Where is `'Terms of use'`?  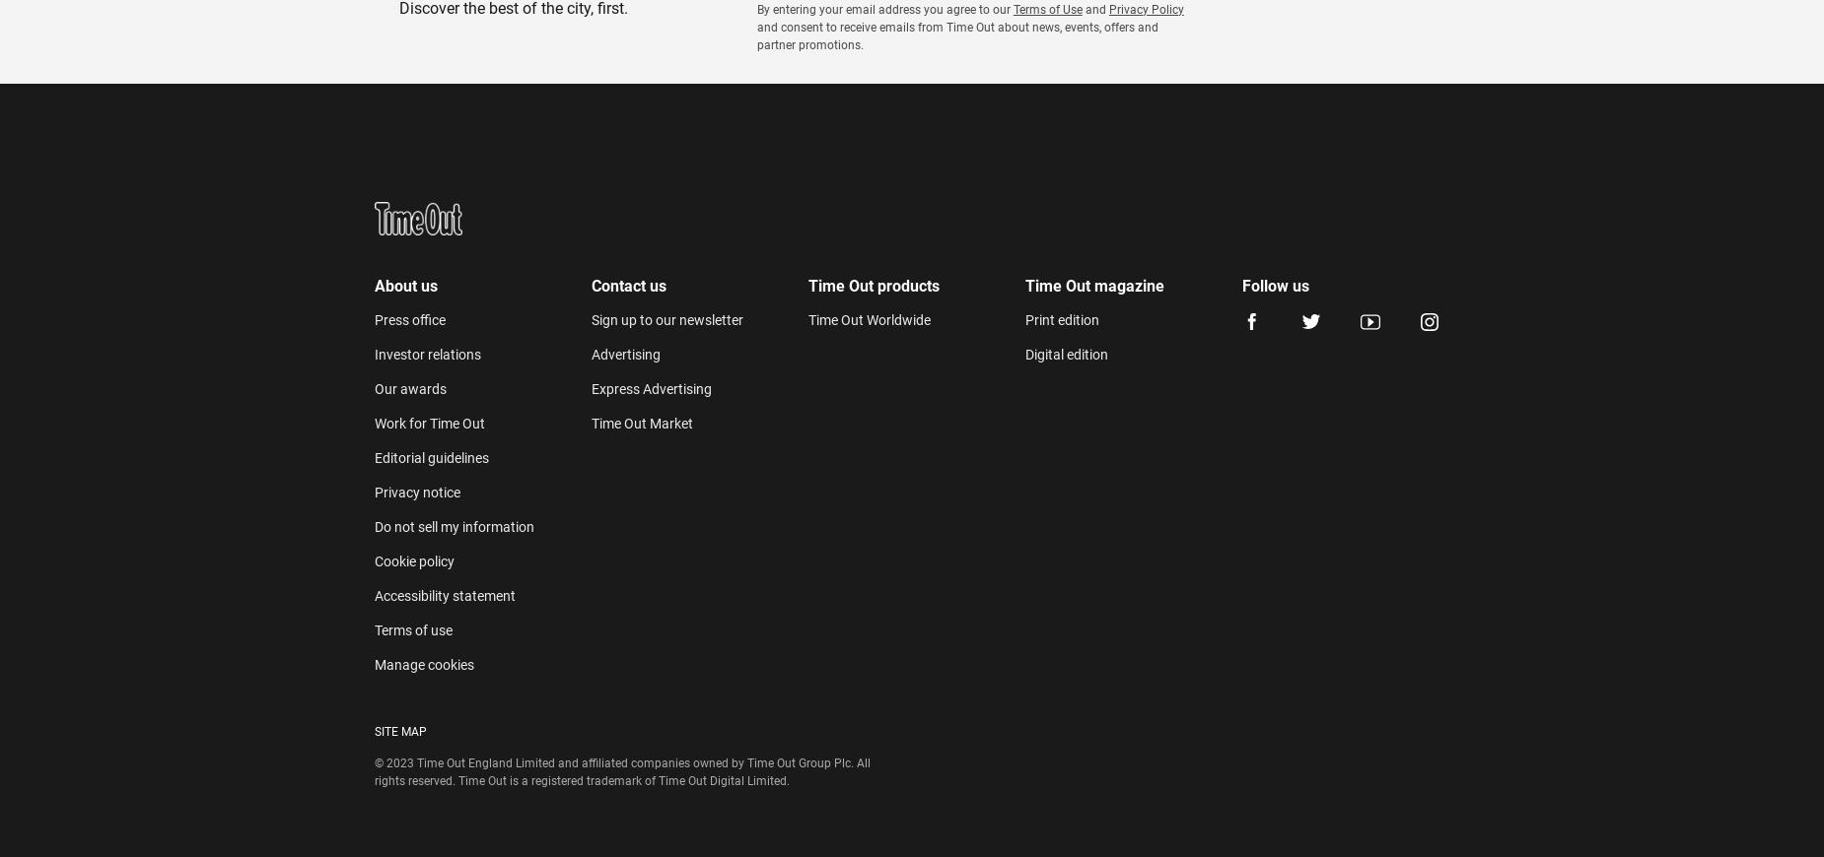 'Terms of use' is located at coordinates (412, 628).